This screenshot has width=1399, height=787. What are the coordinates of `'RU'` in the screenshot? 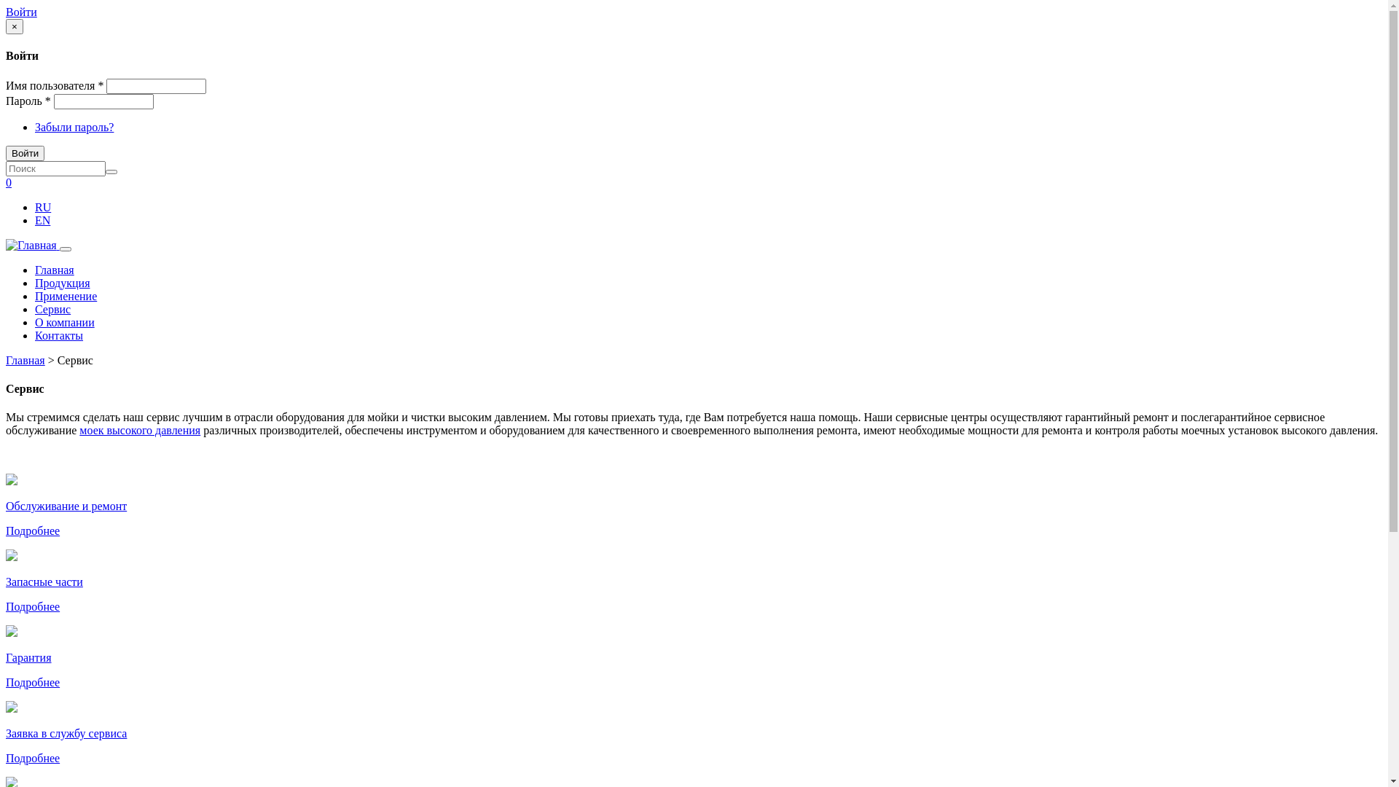 It's located at (42, 207).